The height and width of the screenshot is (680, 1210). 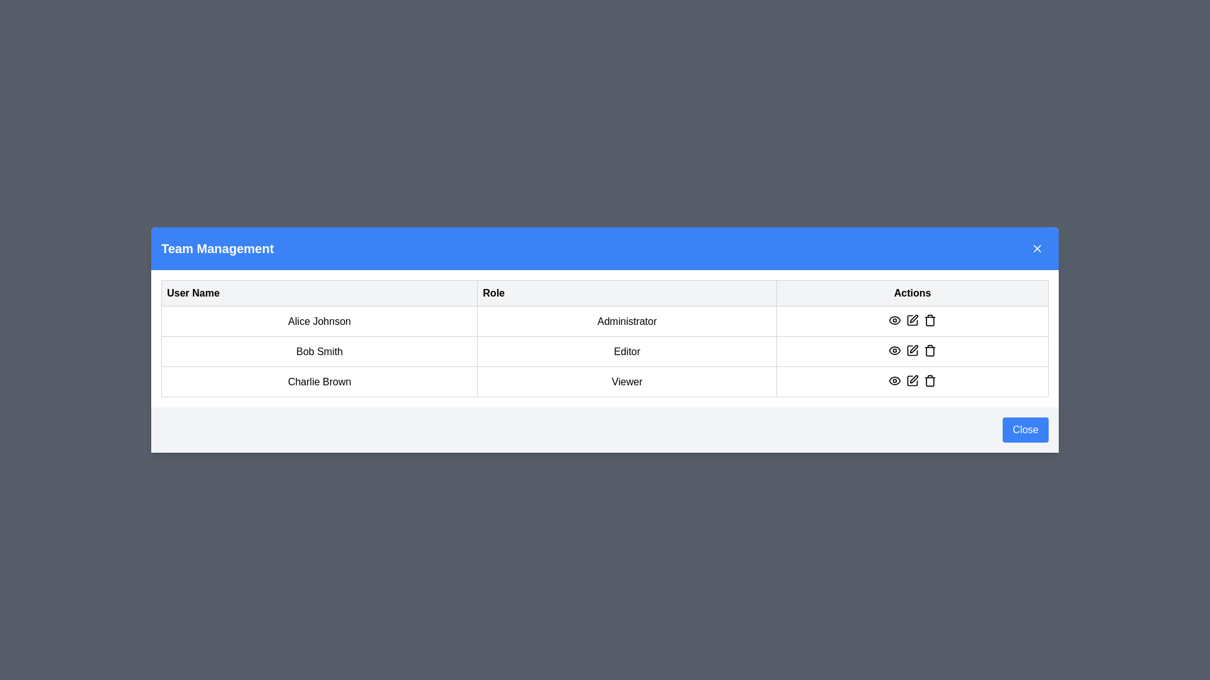 What do you see at coordinates (605, 320) in the screenshot?
I see `the table row entry containing 'Alice Johnson' and 'Administrator', which is located in the first row of the table, positioned between the header and the row with 'Bob Smith Editor'` at bounding box center [605, 320].